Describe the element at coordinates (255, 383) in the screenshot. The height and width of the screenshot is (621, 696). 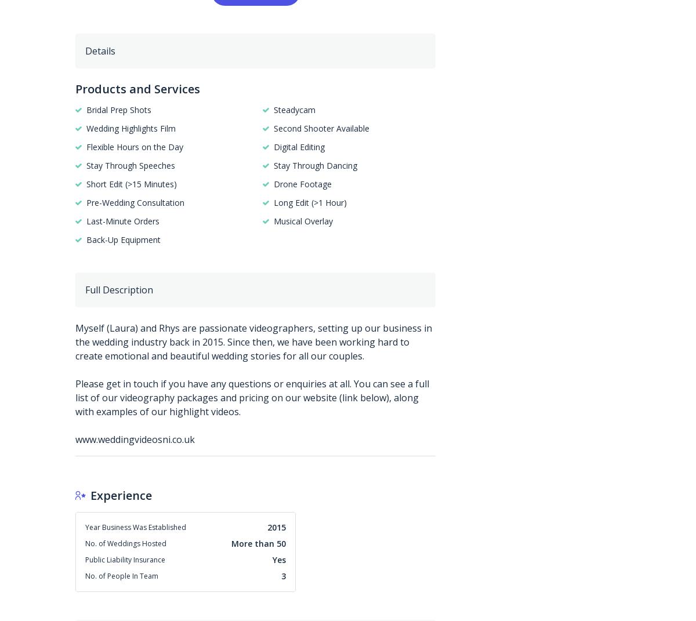
I see `'Myself (Laura) and Rhys are passionate videographers, setting up our business in the wedding industry back in 2015. Since then, we have been working hard to create emotional and beautiful wedding stories for all our couples. 

Please get in touch if you have any questions or enquiries at all. You can see a full list of our videography packages and pricing on our website (link below), along with examples of our highlight videos.

www.weddingvideosni.co.uk'` at that location.